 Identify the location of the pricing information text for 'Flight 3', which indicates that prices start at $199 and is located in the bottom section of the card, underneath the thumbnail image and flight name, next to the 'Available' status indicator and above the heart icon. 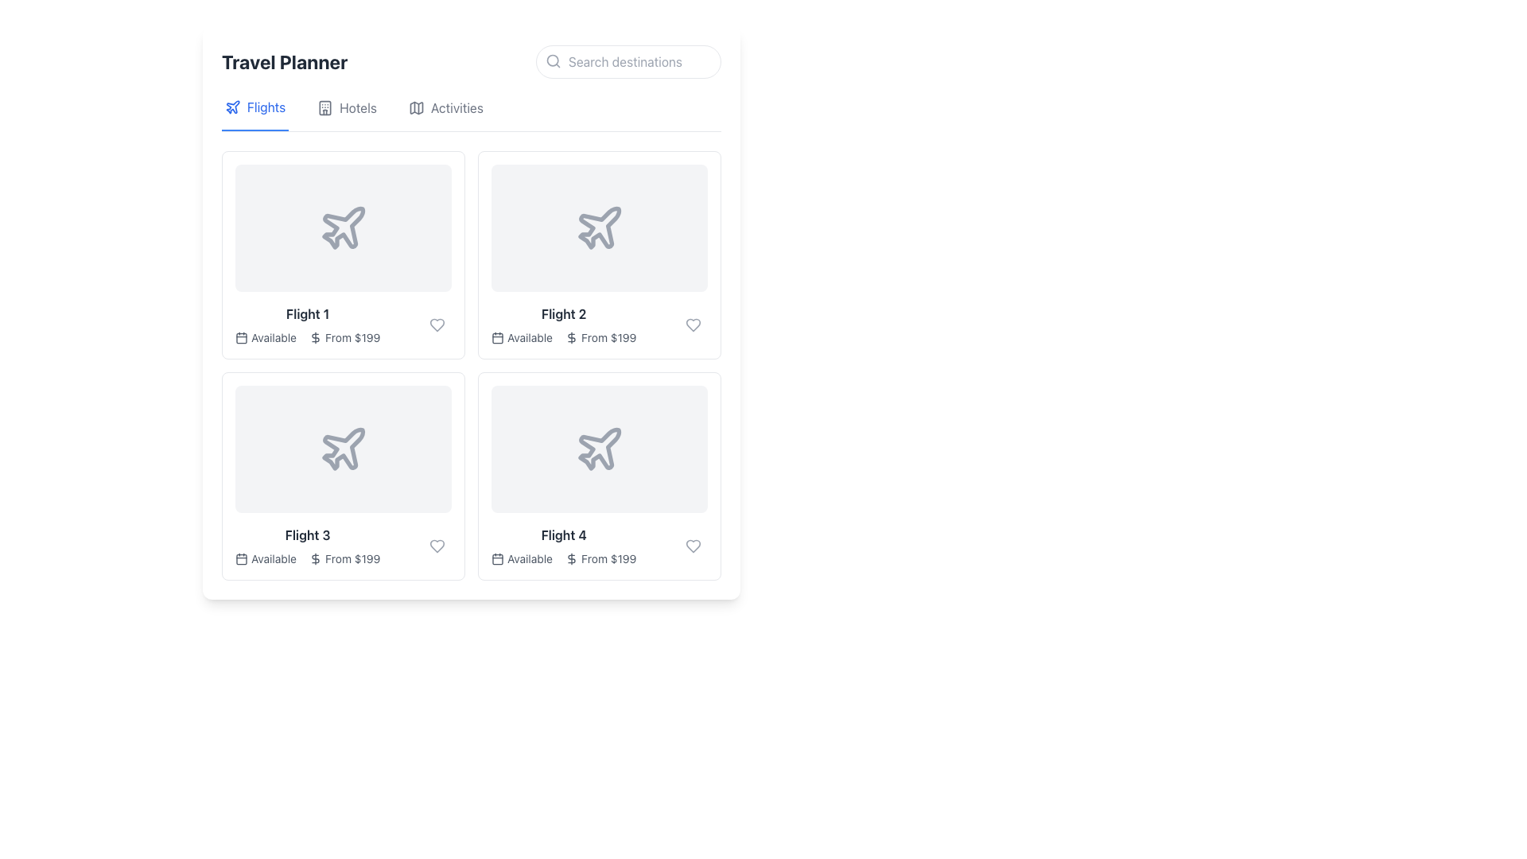
(344, 558).